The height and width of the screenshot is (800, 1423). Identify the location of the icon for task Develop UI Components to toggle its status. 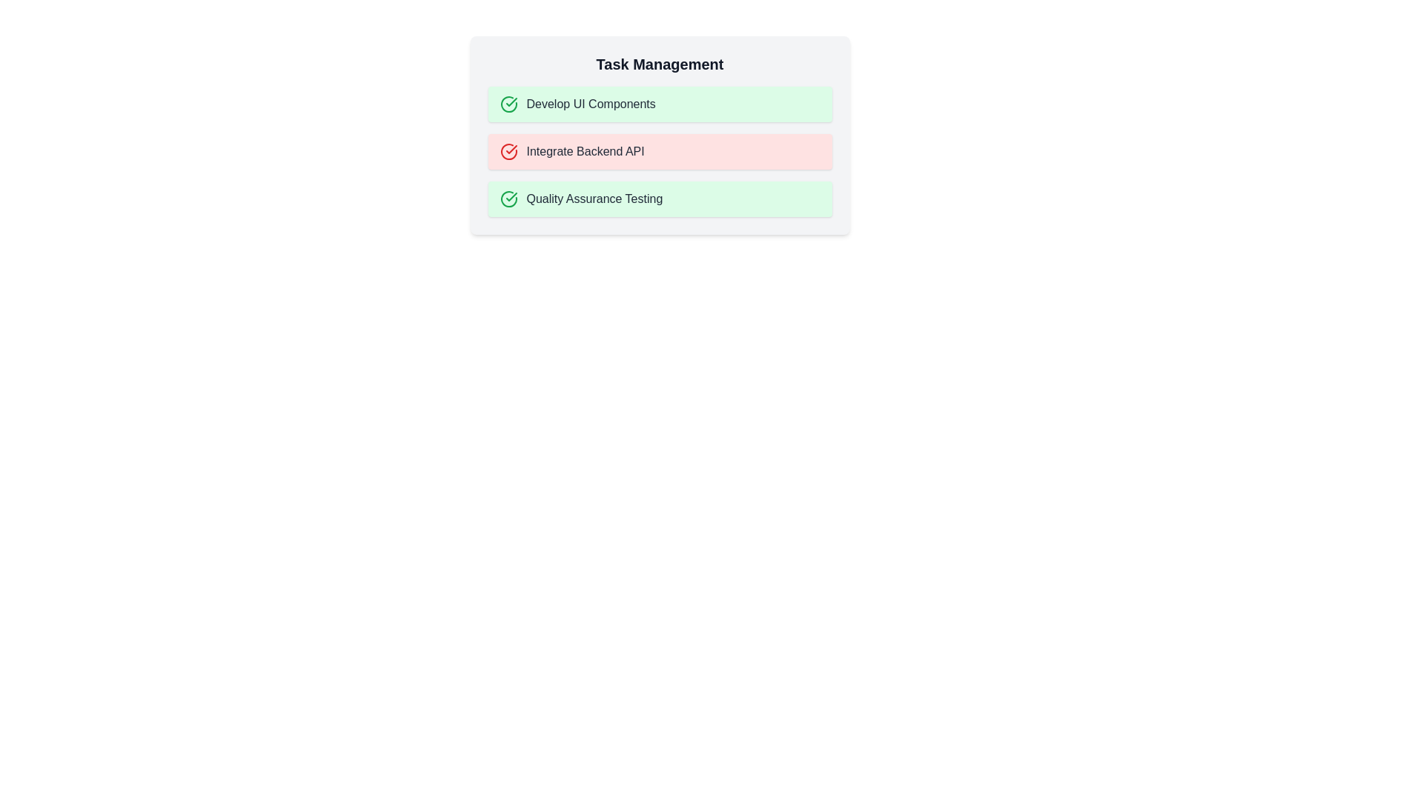
(508, 104).